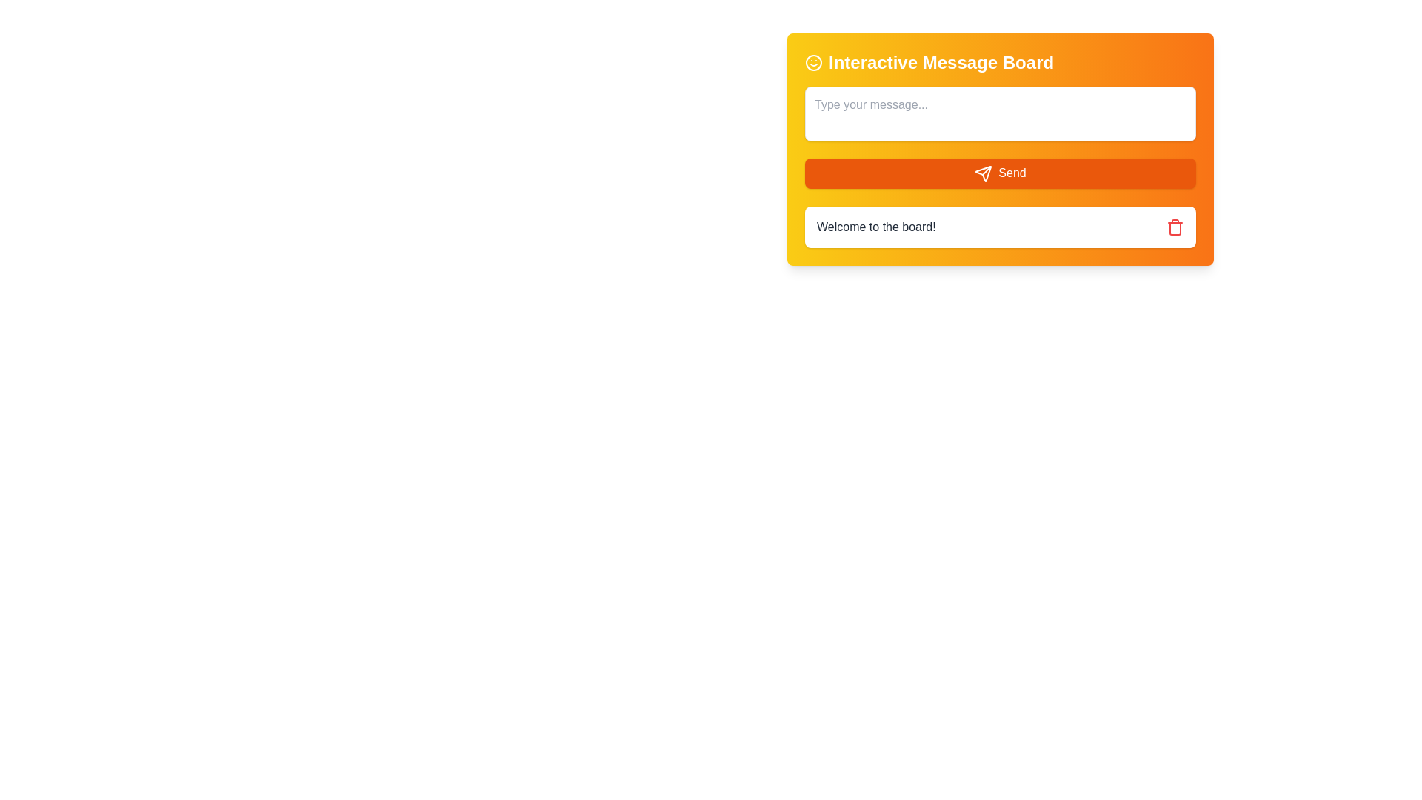 The image size is (1422, 800). I want to click on the red trash bin icon button located in the lower-right corner of the message panel, so click(1175, 226).